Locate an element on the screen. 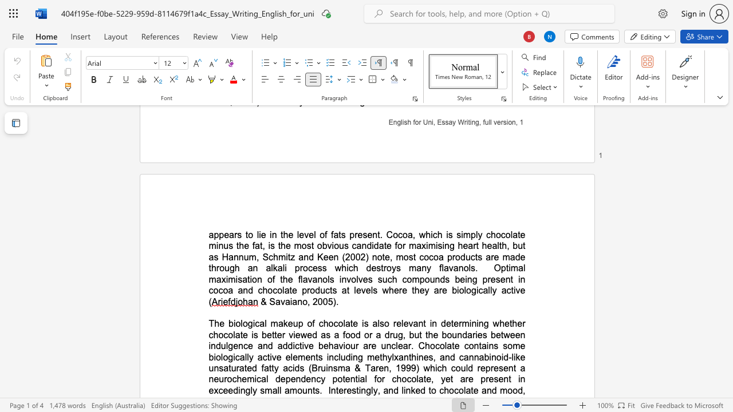 The height and width of the screenshot is (412, 733). the 1th character "d" in the text is located at coordinates (443, 323).